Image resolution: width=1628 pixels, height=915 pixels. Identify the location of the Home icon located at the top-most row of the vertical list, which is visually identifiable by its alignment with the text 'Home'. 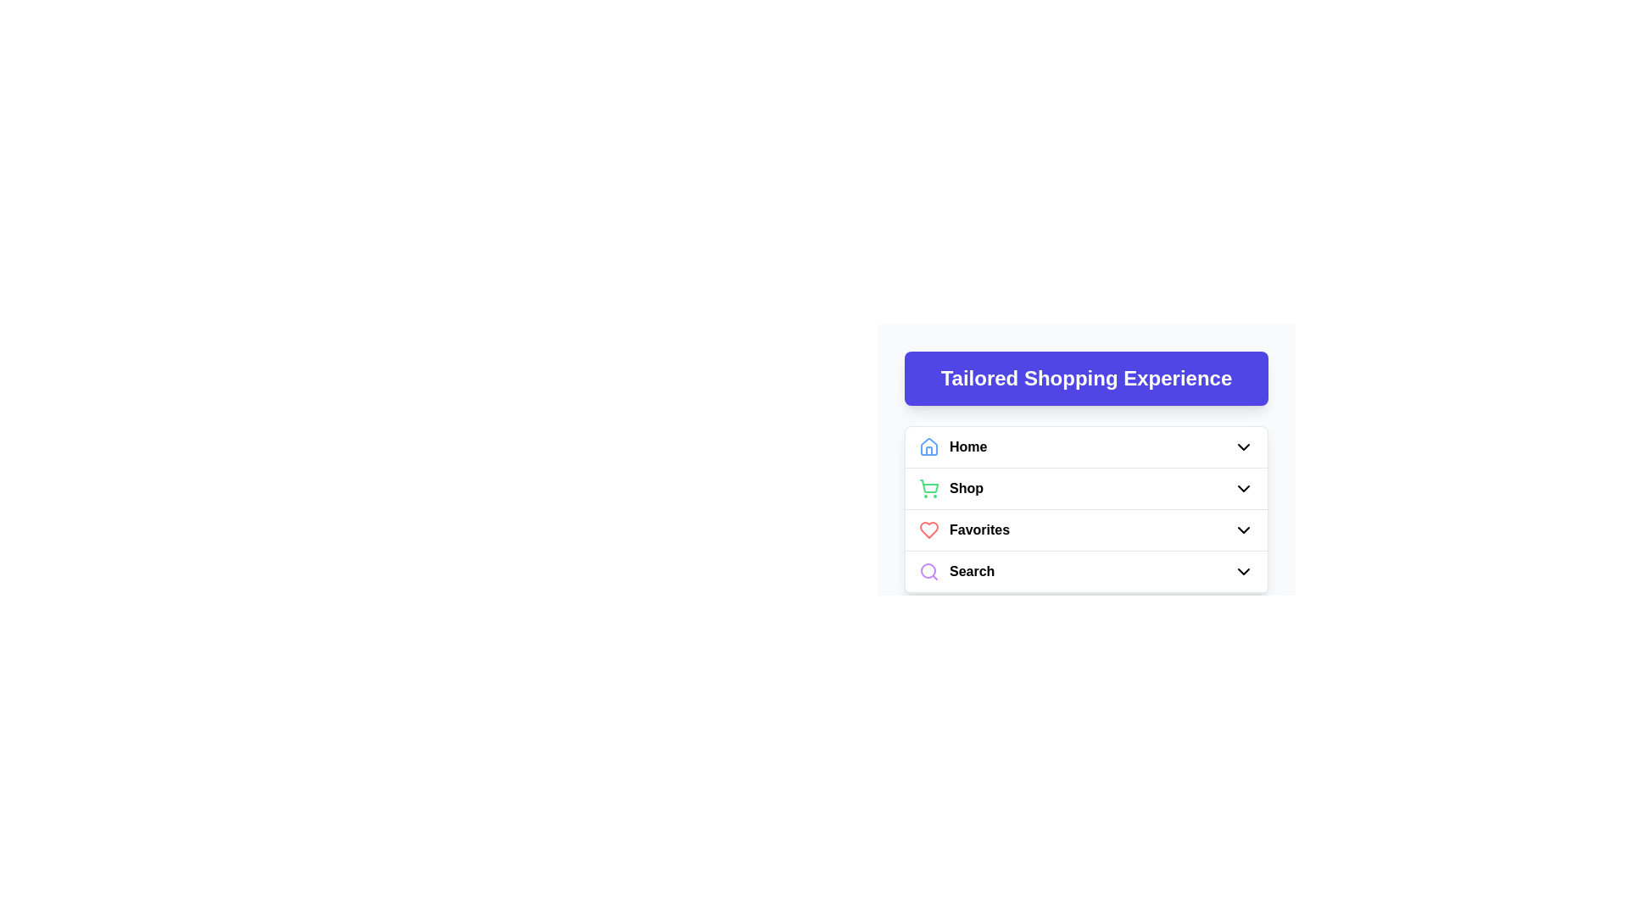
(928, 446).